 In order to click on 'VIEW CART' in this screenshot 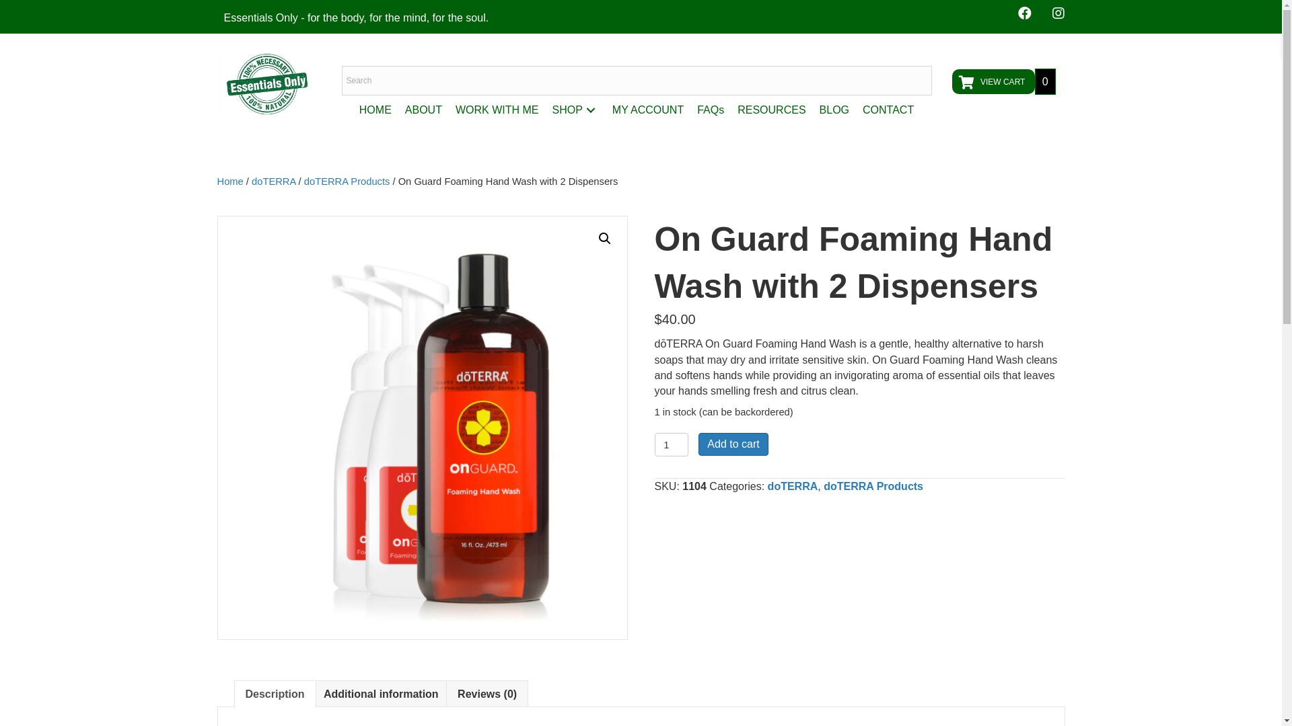, I will do `click(993, 81)`.